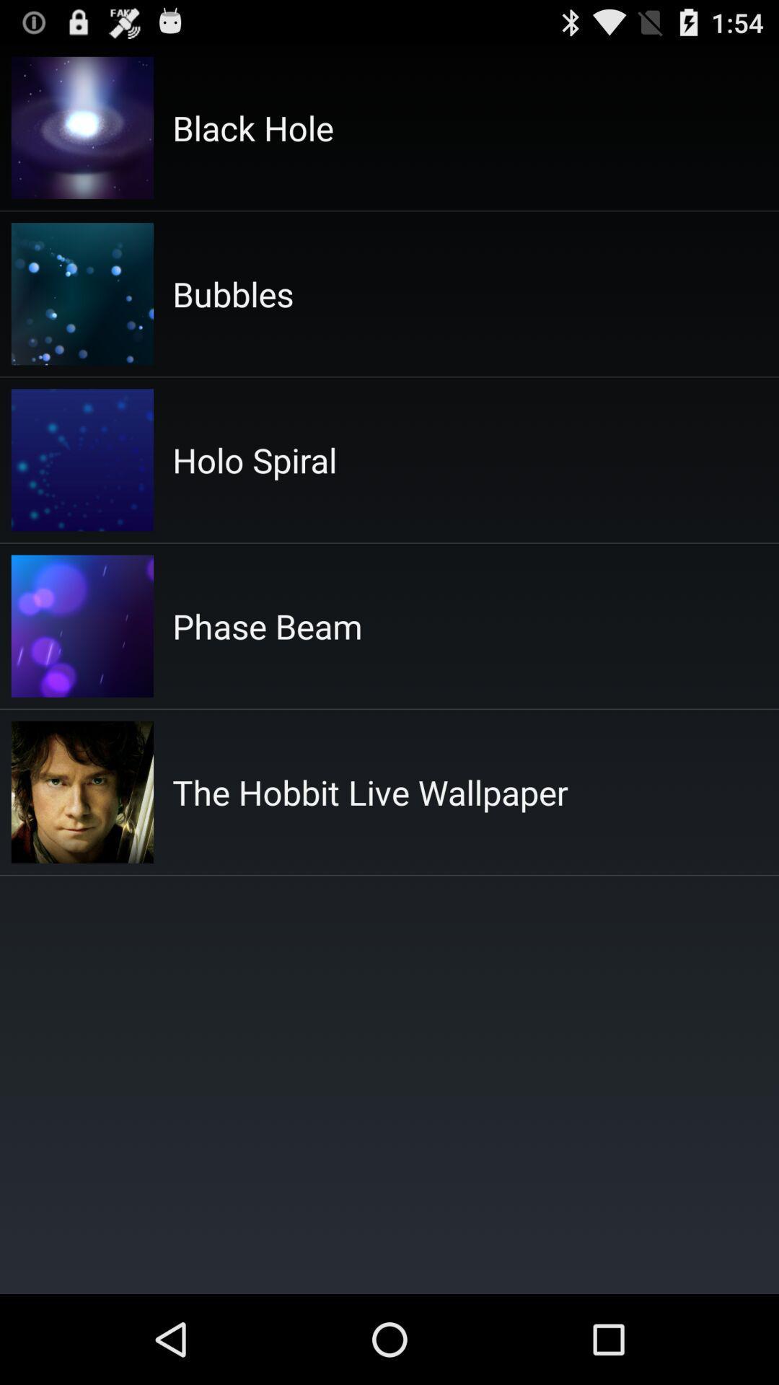 This screenshot has width=779, height=1385. I want to click on the hobbit live icon, so click(369, 791).